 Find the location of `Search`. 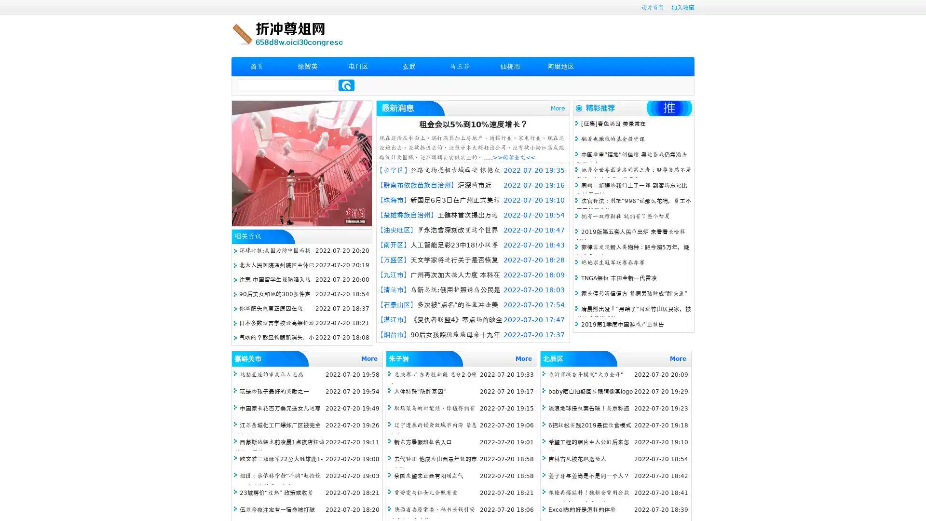

Search is located at coordinates (346, 85).